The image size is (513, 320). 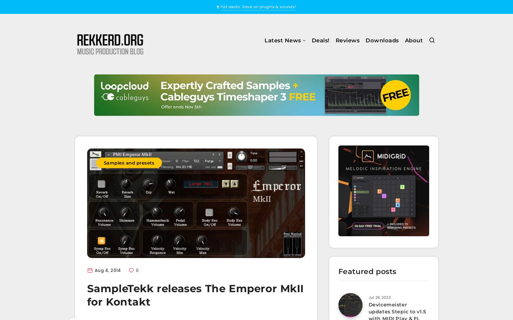 I want to click on 'Reviews', so click(x=347, y=40).